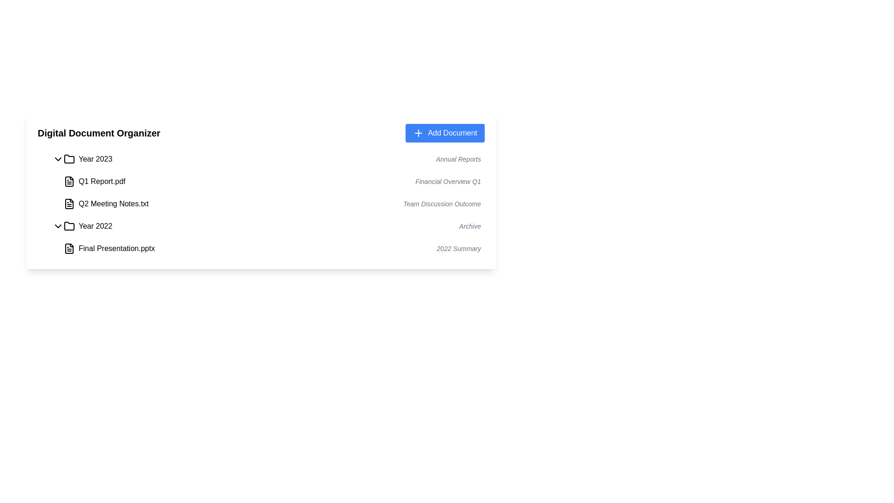 The width and height of the screenshot is (894, 503). What do you see at coordinates (68, 158) in the screenshot?
I see `the folder icon for the year 2023, which is positioned directly to the left of the 'Year 2023' text` at bounding box center [68, 158].